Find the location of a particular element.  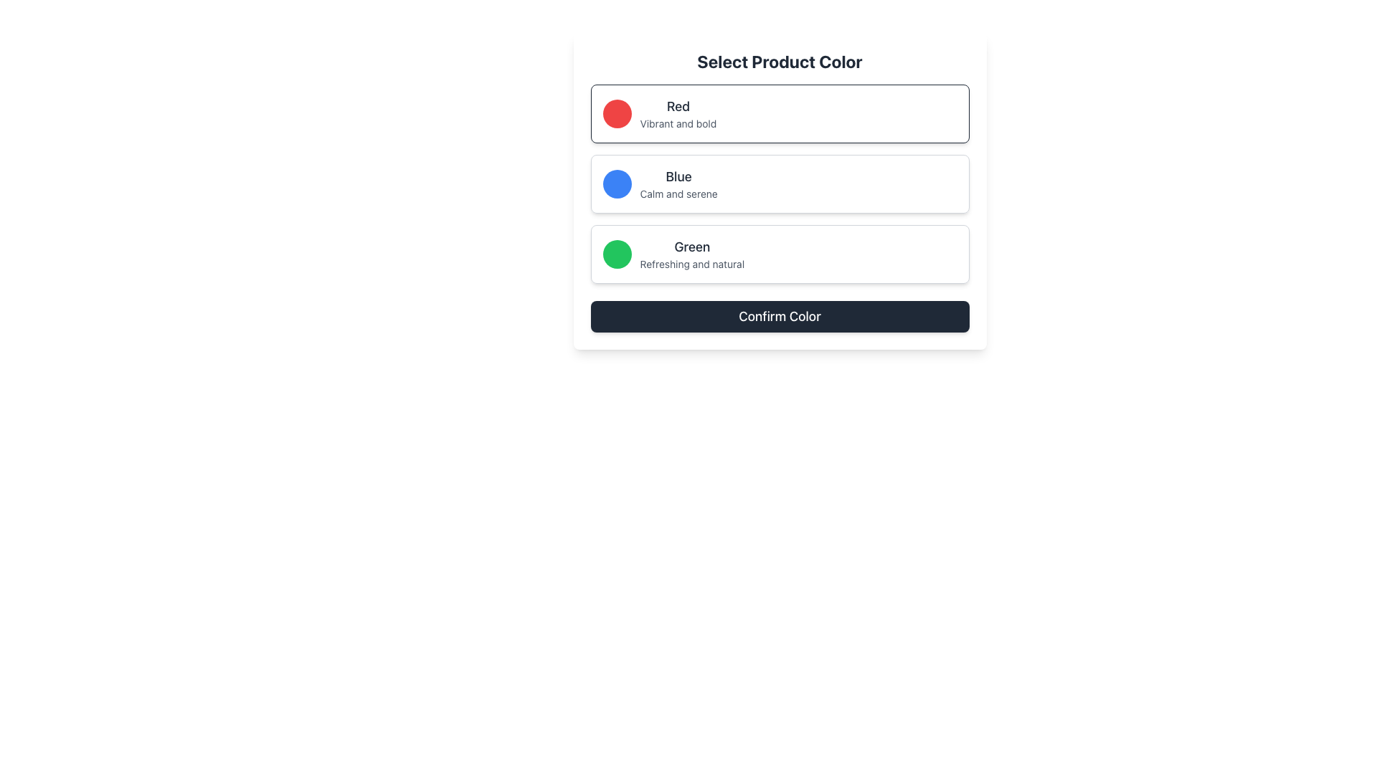

the text label displaying the word 'Red' in bold, large font, which is positioned beside a red circular icon and above the smaller gray text 'Vibrant and bold.' is located at coordinates (677, 106).